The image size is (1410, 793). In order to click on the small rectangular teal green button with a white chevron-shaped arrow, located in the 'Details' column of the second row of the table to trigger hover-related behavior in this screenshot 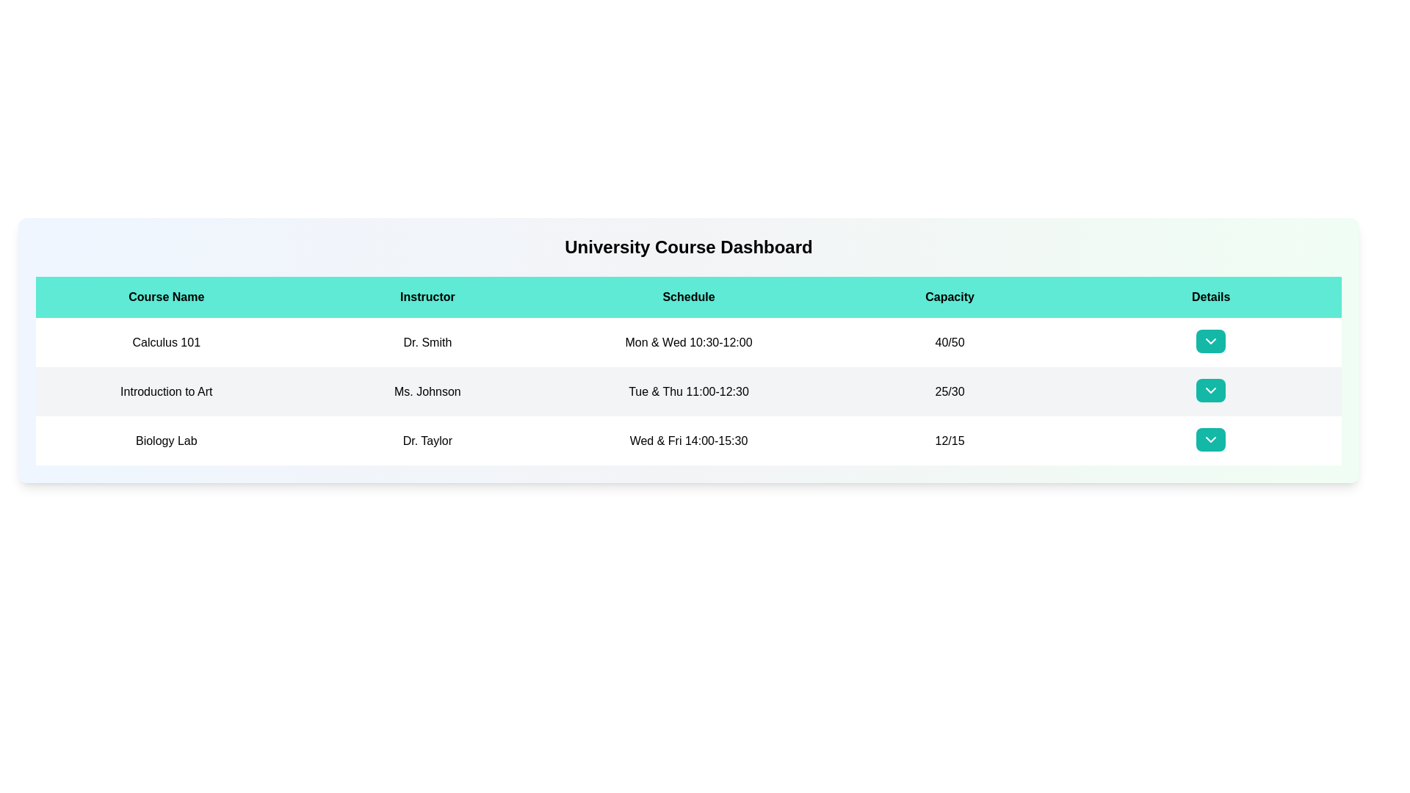, I will do `click(1211, 390)`.